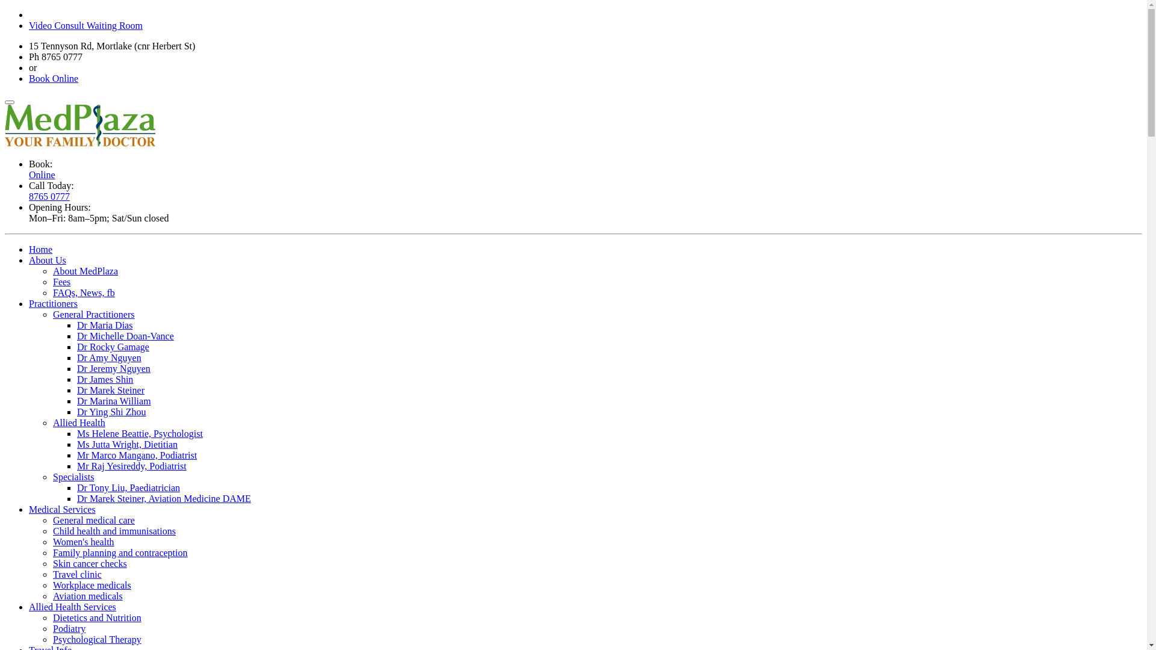 This screenshot has height=650, width=1156. I want to click on 'About MedPlaza', so click(85, 271).